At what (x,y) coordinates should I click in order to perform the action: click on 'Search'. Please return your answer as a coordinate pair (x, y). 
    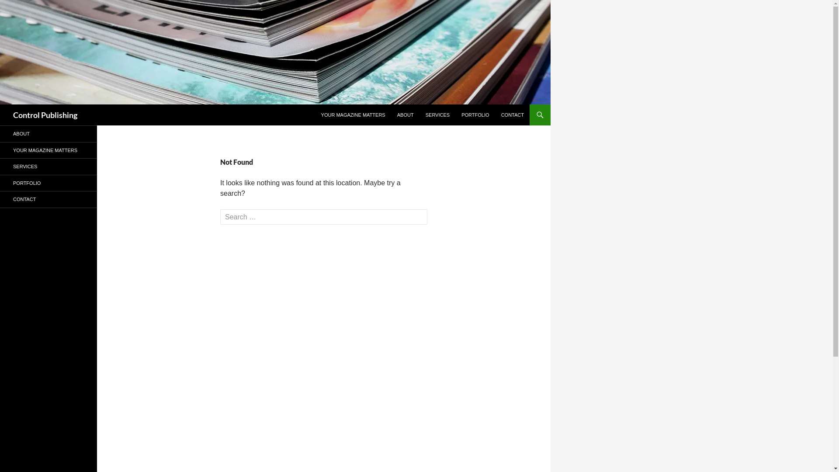
    Looking at the image, I should click on (23, 8).